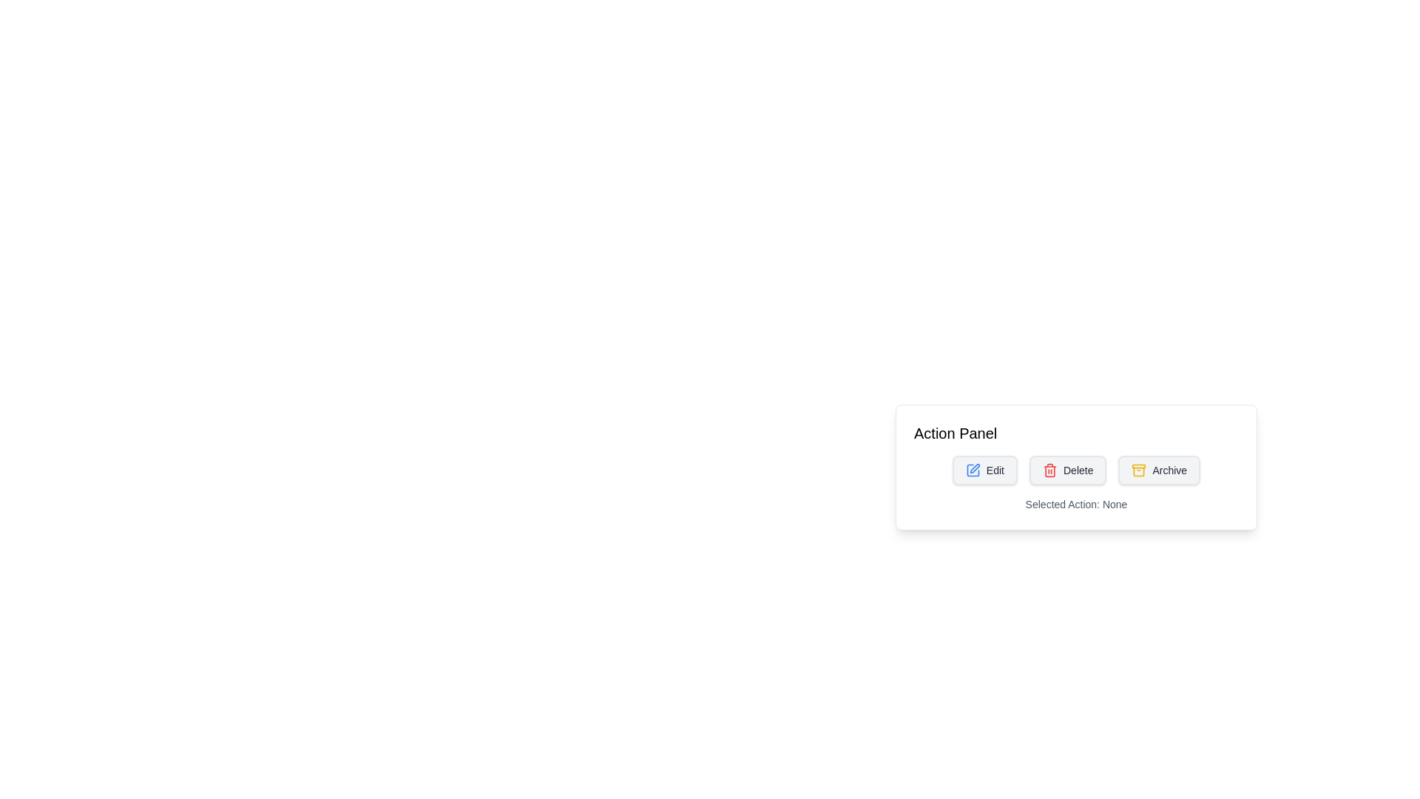 This screenshot has width=1420, height=799. What do you see at coordinates (984, 471) in the screenshot?
I see `the leftmost button in the Action Panel to initiate the edit functionality, which typically opens a form or makes content fields editable` at bounding box center [984, 471].